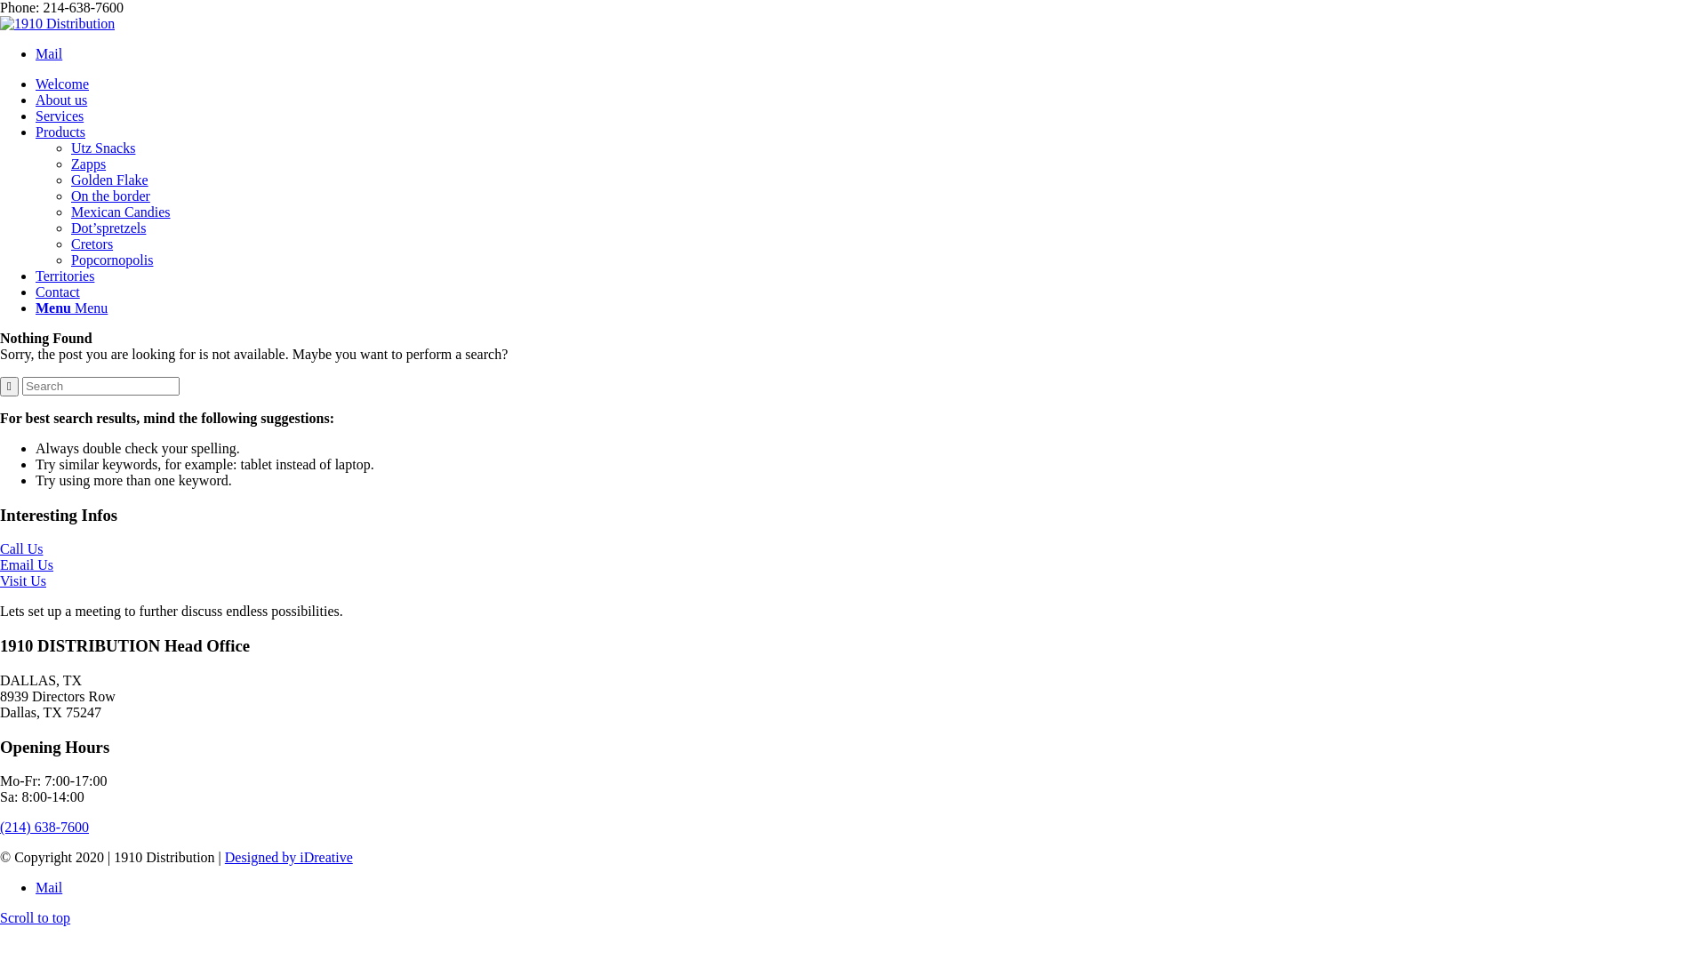  Describe the element at coordinates (35, 887) in the screenshot. I see `'Mail'` at that location.